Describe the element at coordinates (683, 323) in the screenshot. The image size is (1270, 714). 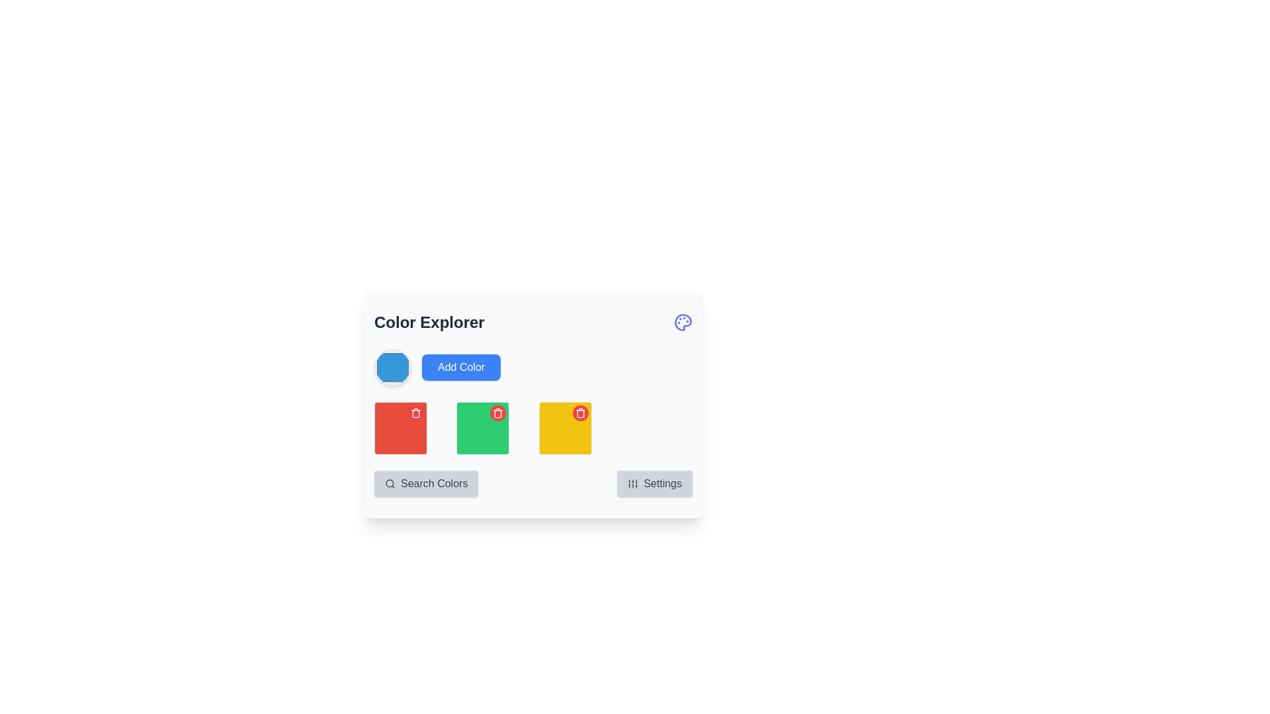
I see `the circular color palette icon located in the top right corner of the main panel` at that location.